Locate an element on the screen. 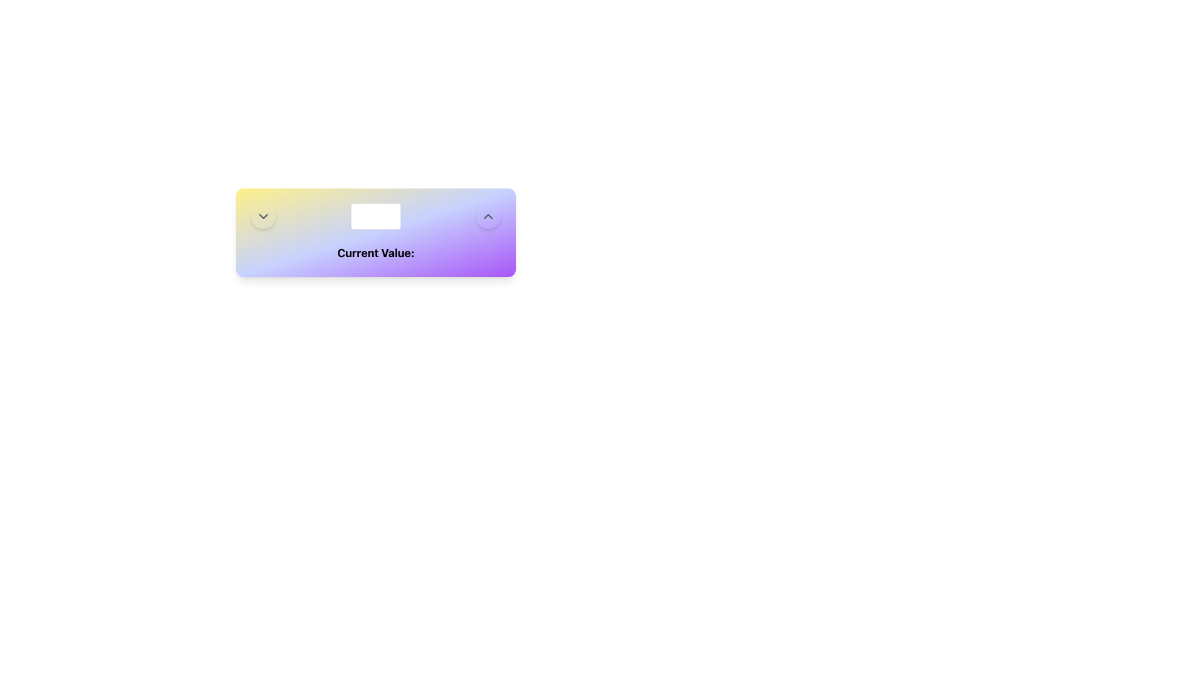  the Text Label that provides context or description for the 'current value', positioned at the bottom center of a gradient-colored rectangle is located at coordinates (375, 253).